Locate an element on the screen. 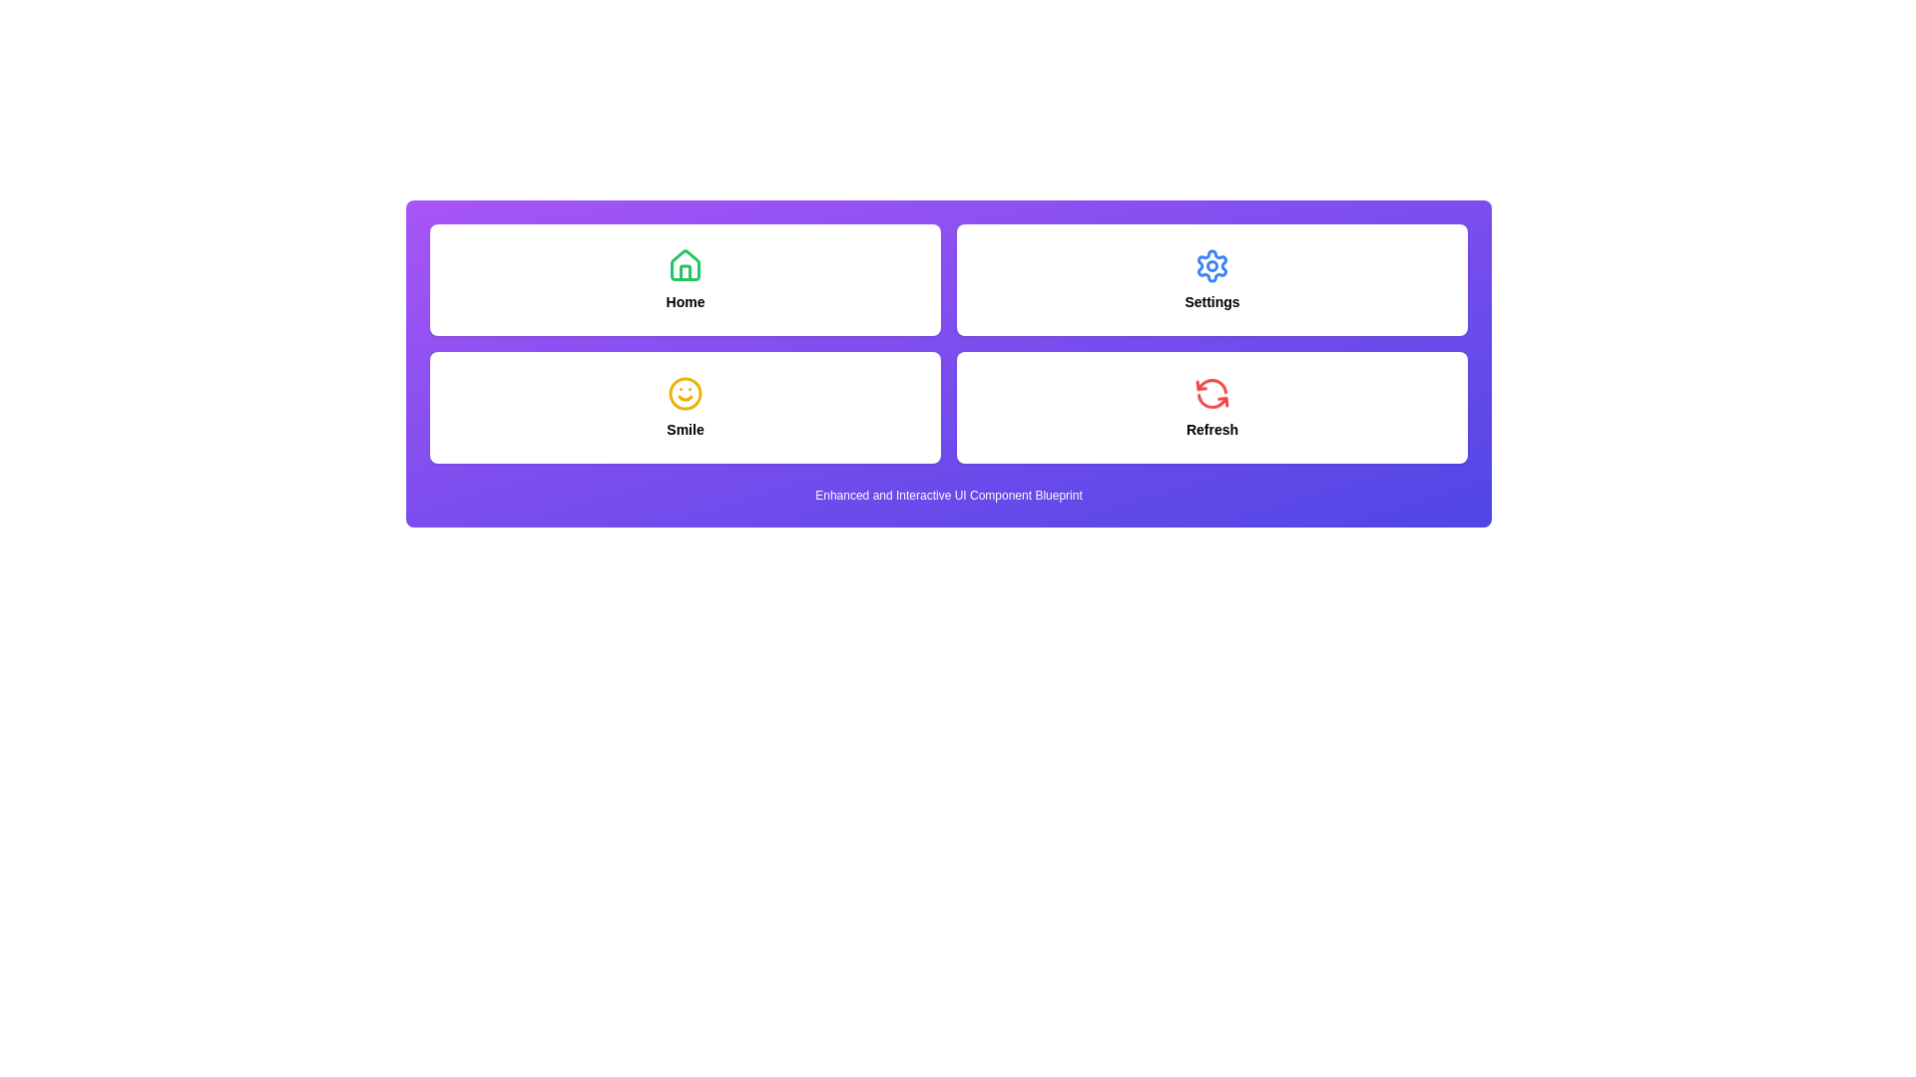 The width and height of the screenshot is (1916, 1077). the green house-shaped icon located above the text 'Home' is located at coordinates (685, 264).